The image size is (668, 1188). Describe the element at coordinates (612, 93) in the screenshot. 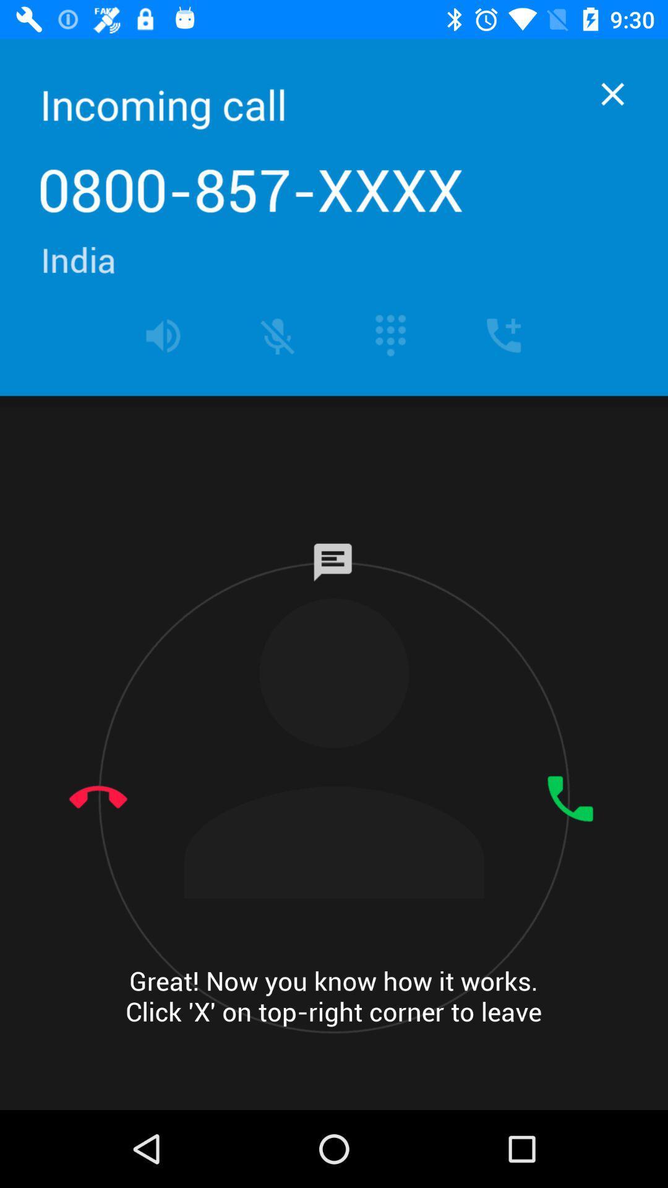

I see `option` at that location.